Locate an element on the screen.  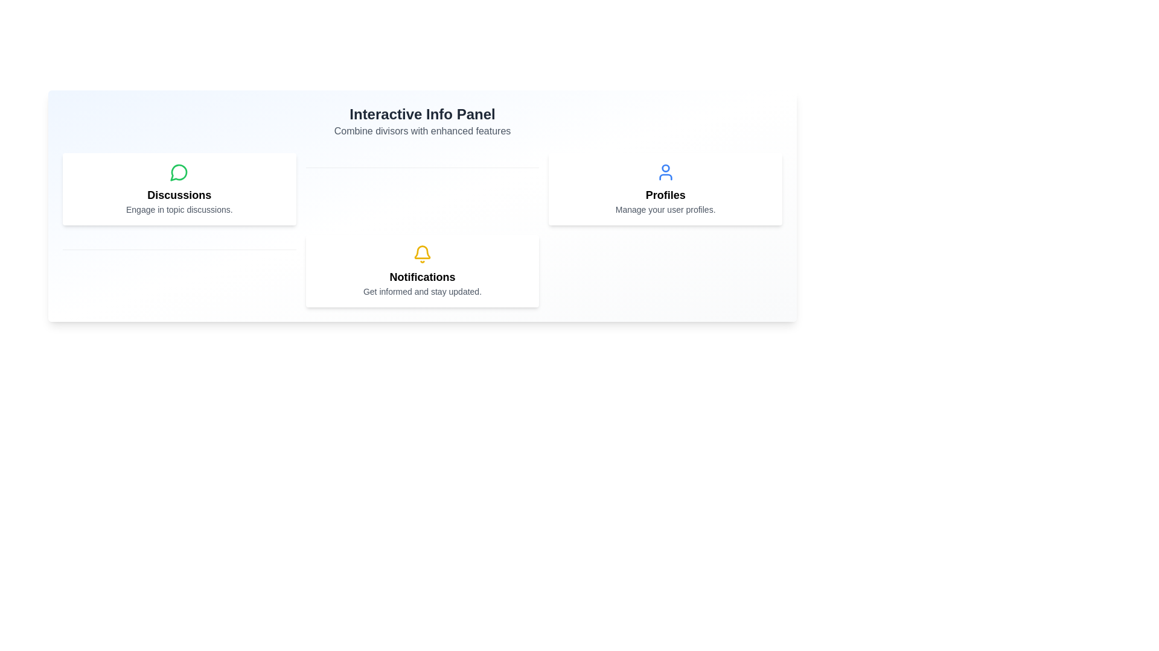
the non-interactive informational panel that serves as an introduction or overview for the following content, located at the upper section of the layout is located at coordinates (423, 121).